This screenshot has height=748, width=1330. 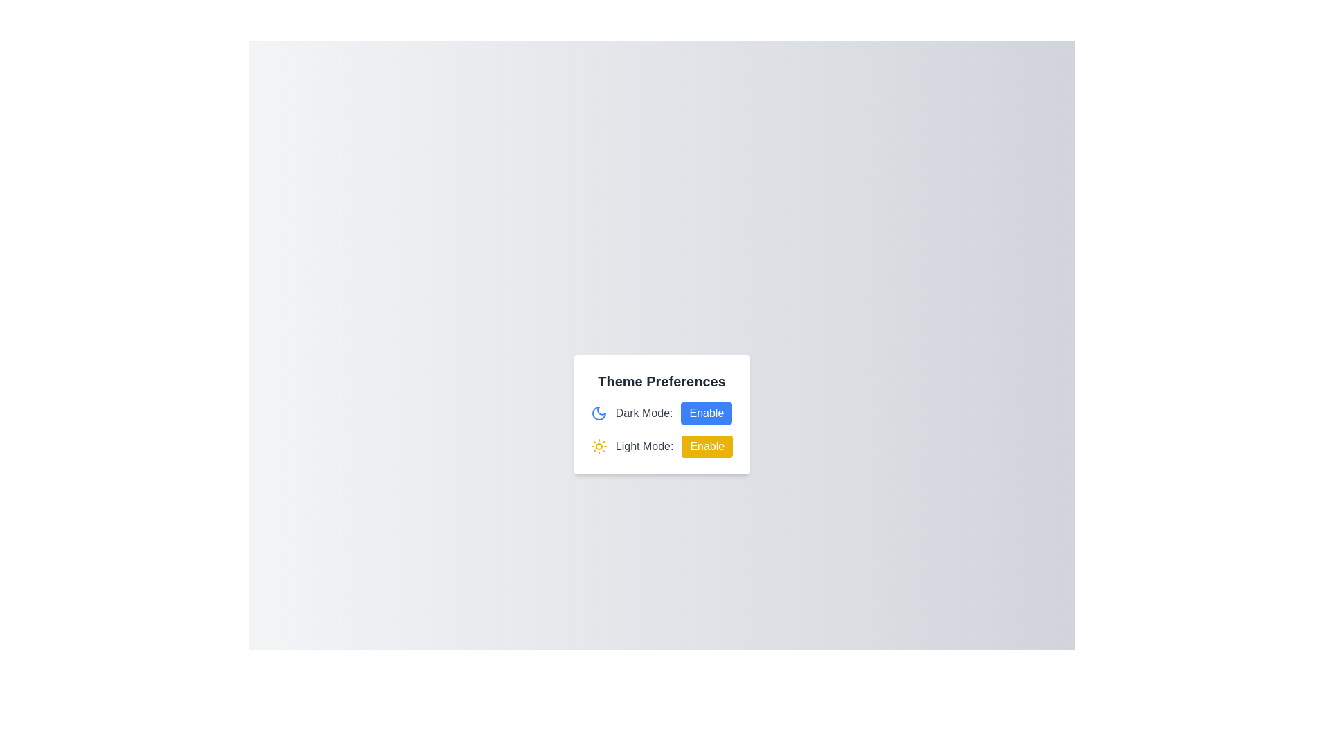 What do you see at coordinates (598, 446) in the screenshot?
I see `the light mode theme icon located in the user preferences, which is positioned next to the 'Enable' button and below the 'Dark Mode' moon icon` at bounding box center [598, 446].